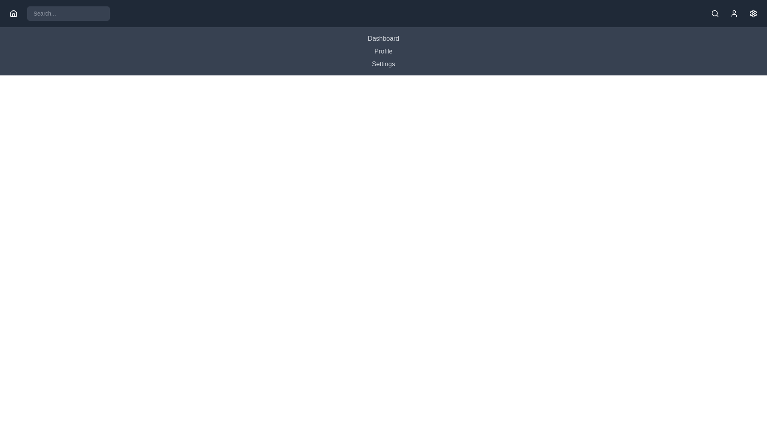  I want to click on the 'Settings' button, which is the last item in a vertical list of navigation options including 'Dashboard' and 'Profile', so click(383, 64).